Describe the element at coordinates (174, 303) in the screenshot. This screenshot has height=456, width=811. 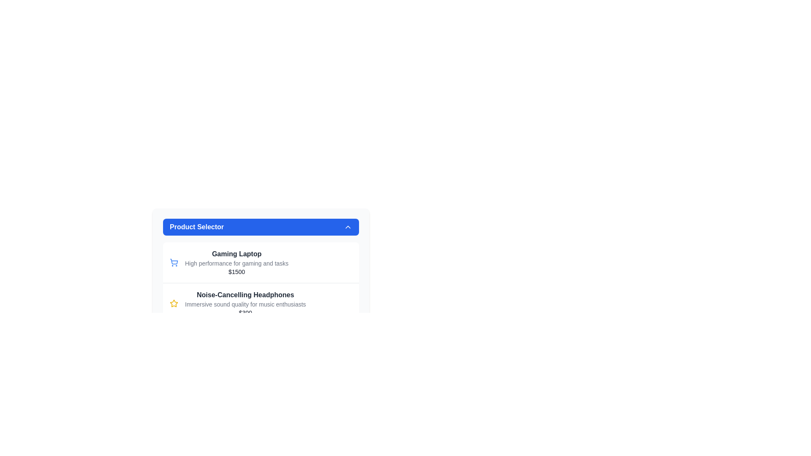
I see `the interactive star-shaped icon located before the text 'Noise-Cancelling Headphones' in the second list item of the 'Product Selector' panel` at that location.